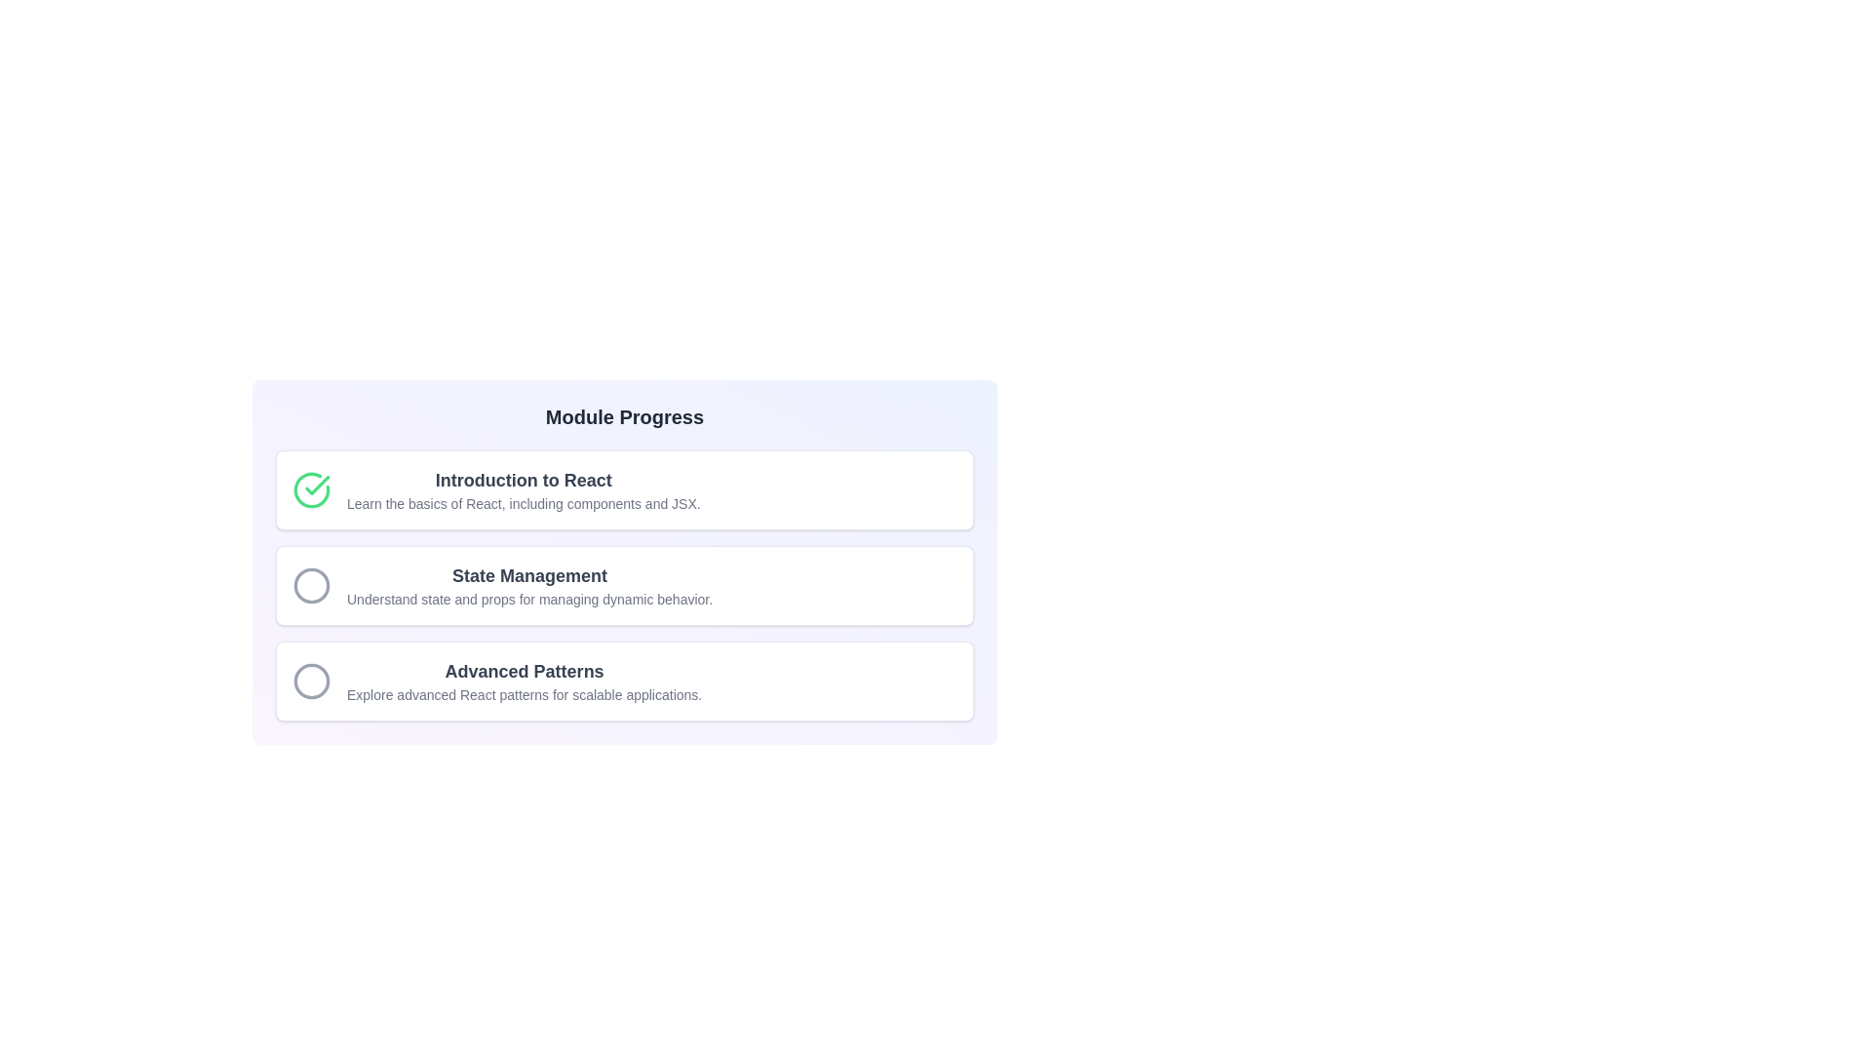  I want to click on the Informational panel titled 'State Management', which features a white background, rounded corners, a shadow effect, and contains a heading and description text, so click(625, 585).